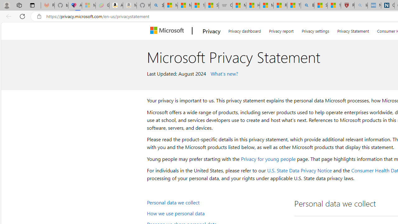 The width and height of the screenshot is (398, 224). What do you see at coordinates (268, 158) in the screenshot?
I see `'Privacy for young people'` at bounding box center [268, 158].